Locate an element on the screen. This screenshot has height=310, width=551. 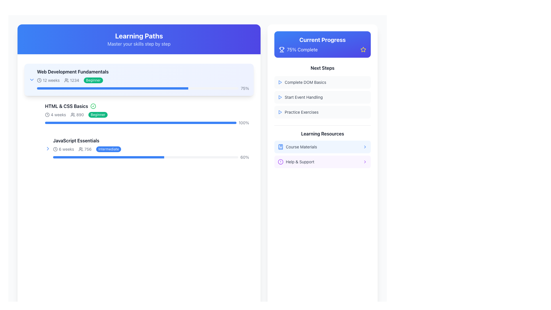
the static label that introduces or categorizes the content below it, located under the 'Next Steps' heading in the 'Current Progress' panel is located at coordinates (322, 134).